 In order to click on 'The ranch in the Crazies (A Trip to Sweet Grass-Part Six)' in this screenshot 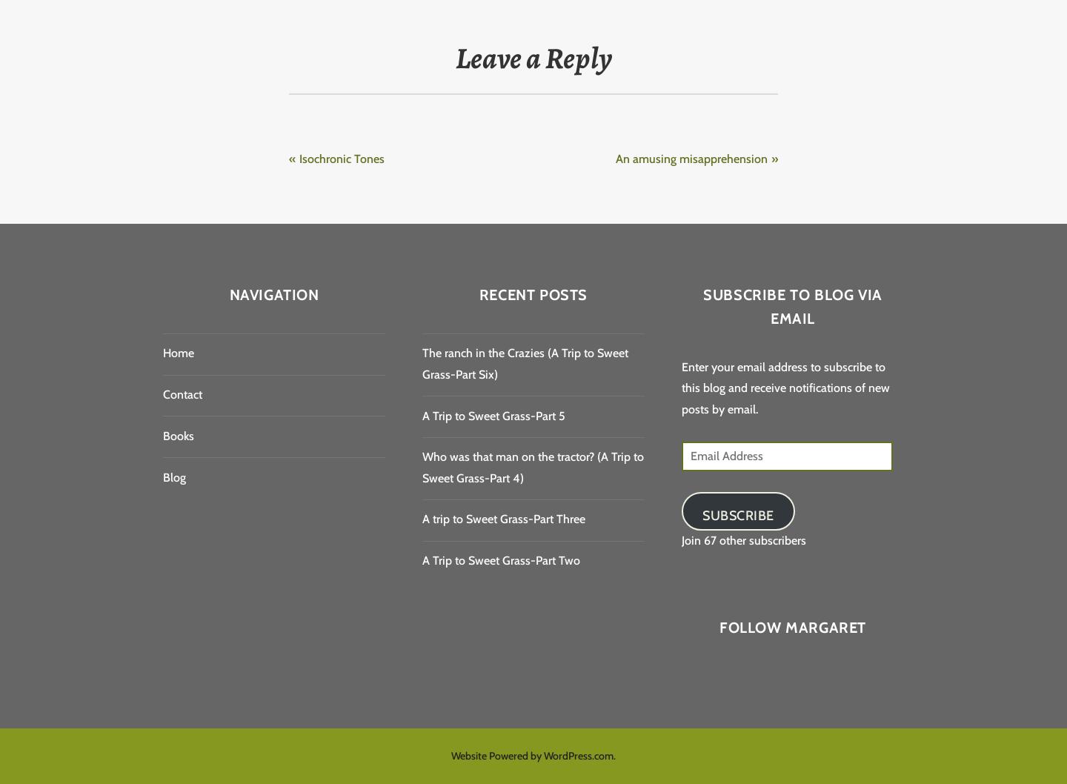, I will do `click(525, 362)`.